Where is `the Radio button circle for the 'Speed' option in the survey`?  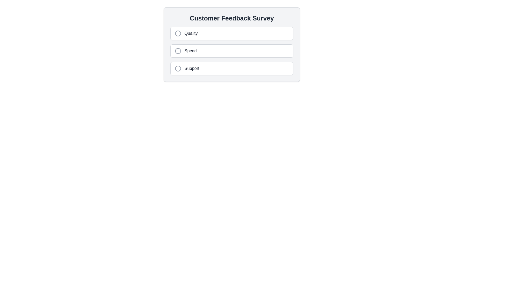 the Radio button circle for the 'Speed' option in the survey is located at coordinates (178, 51).